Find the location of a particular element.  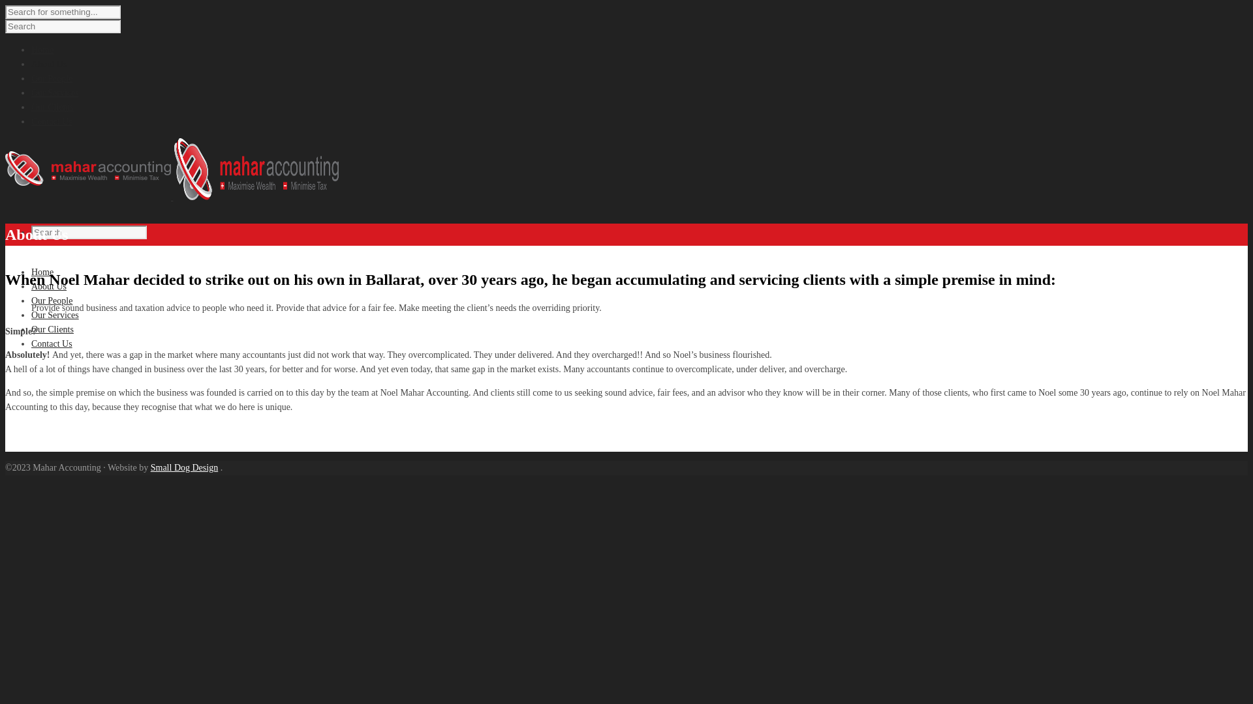

'Our People' is located at coordinates (52, 301).